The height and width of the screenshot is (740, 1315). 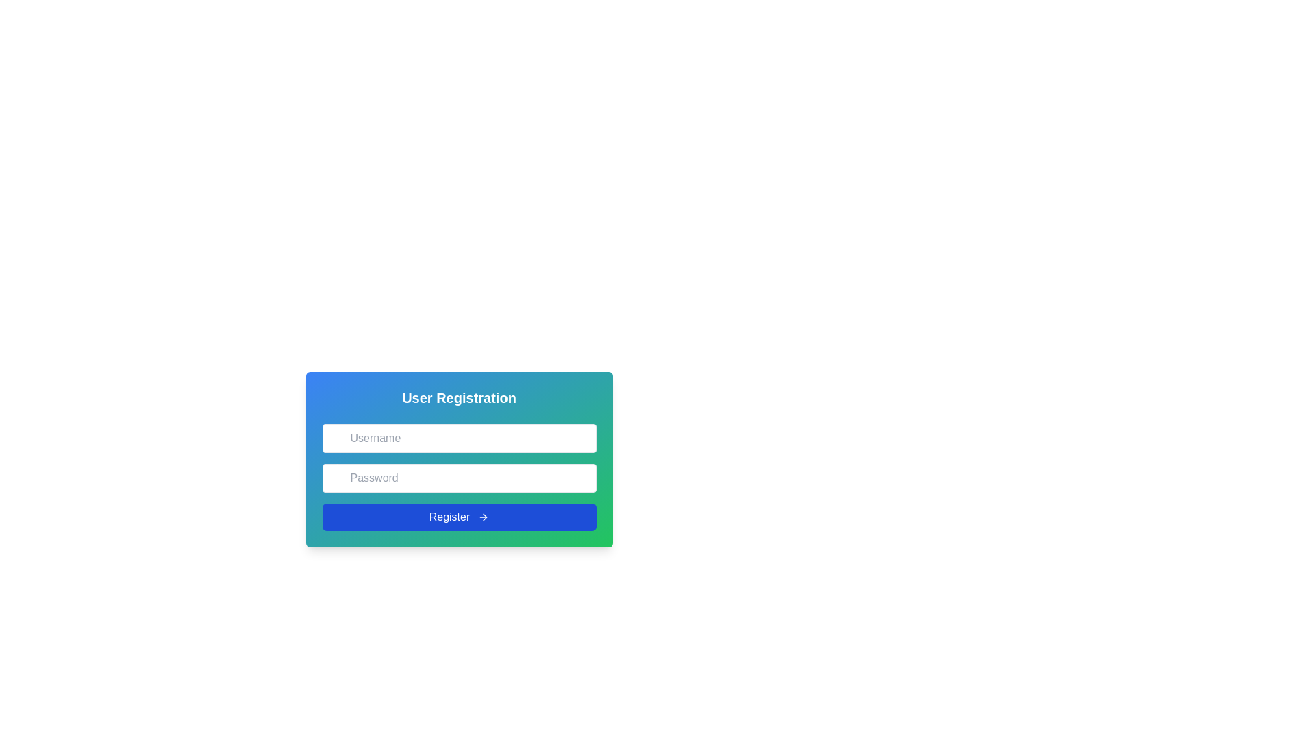 I want to click on the graphical icon positioned on the far right side of the 'Register' button, which complements the button's function within the 'User Registration' panel, so click(x=484, y=517).